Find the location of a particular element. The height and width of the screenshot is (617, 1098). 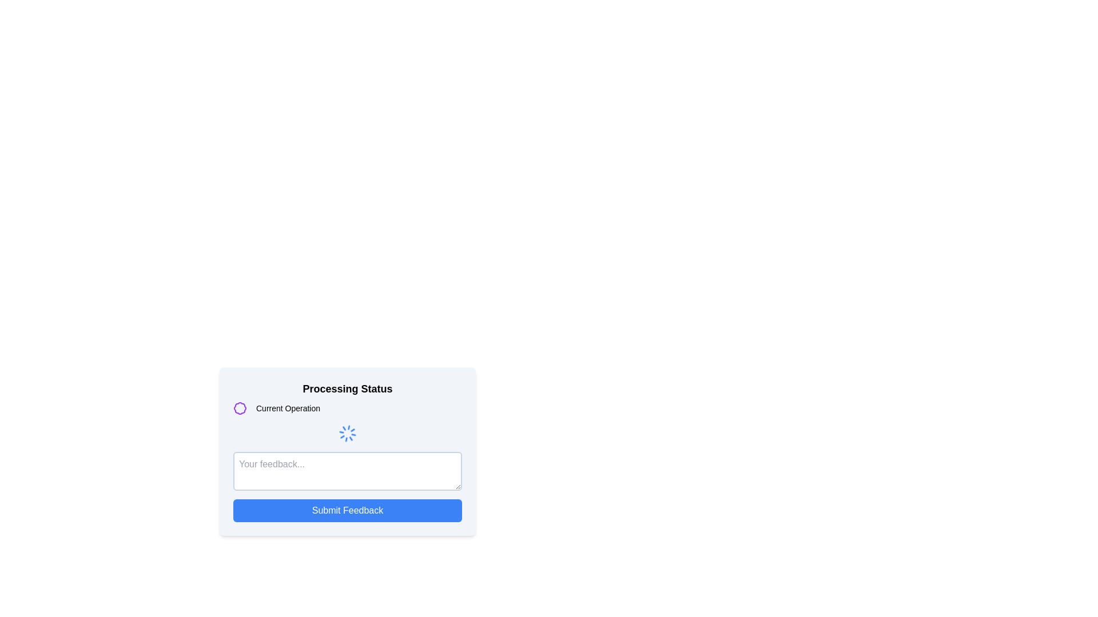

the text label that reads 'Processing Status', which is prominently displayed at the top of its section in bold, large-sized, black font is located at coordinates (347, 388).